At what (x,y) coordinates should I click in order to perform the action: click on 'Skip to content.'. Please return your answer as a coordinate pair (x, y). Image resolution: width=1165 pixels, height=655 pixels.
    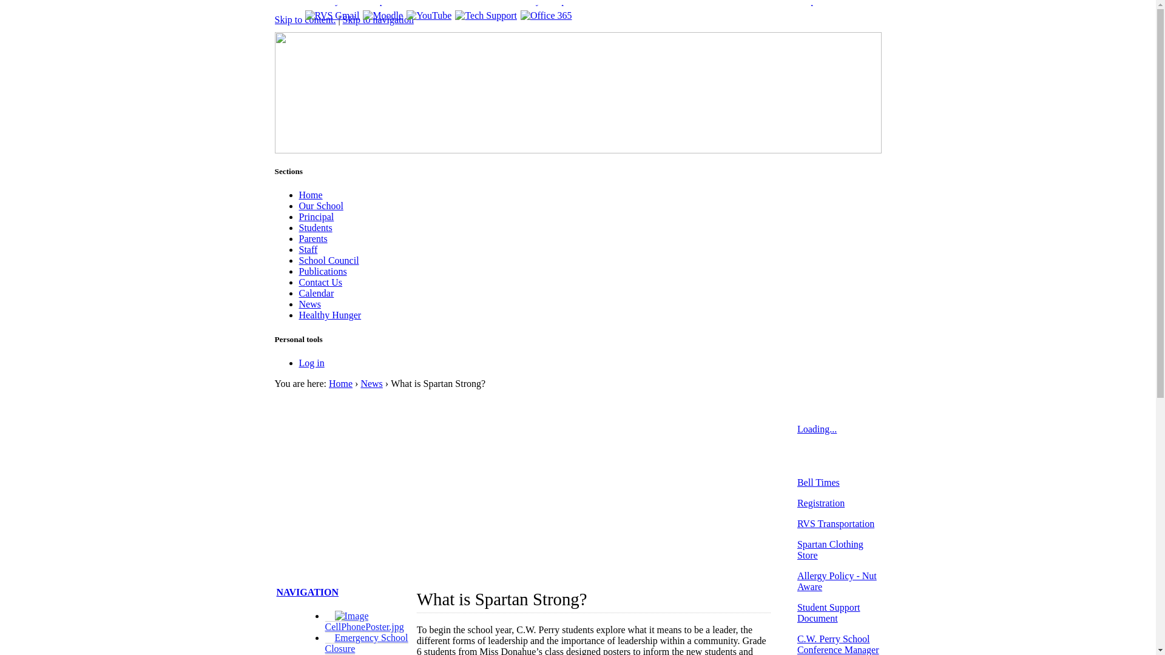
    Looking at the image, I should click on (305, 19).